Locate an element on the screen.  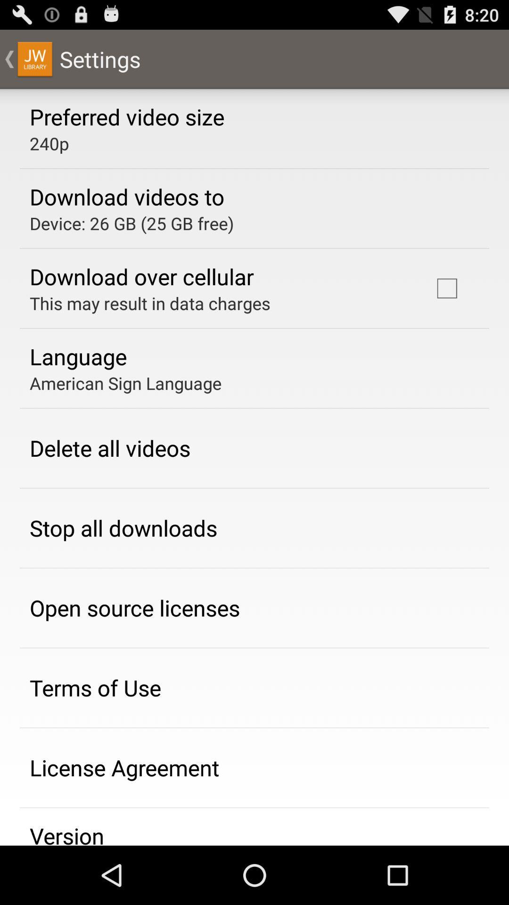
the stop all downloads item is located at coordinates (123, 528).